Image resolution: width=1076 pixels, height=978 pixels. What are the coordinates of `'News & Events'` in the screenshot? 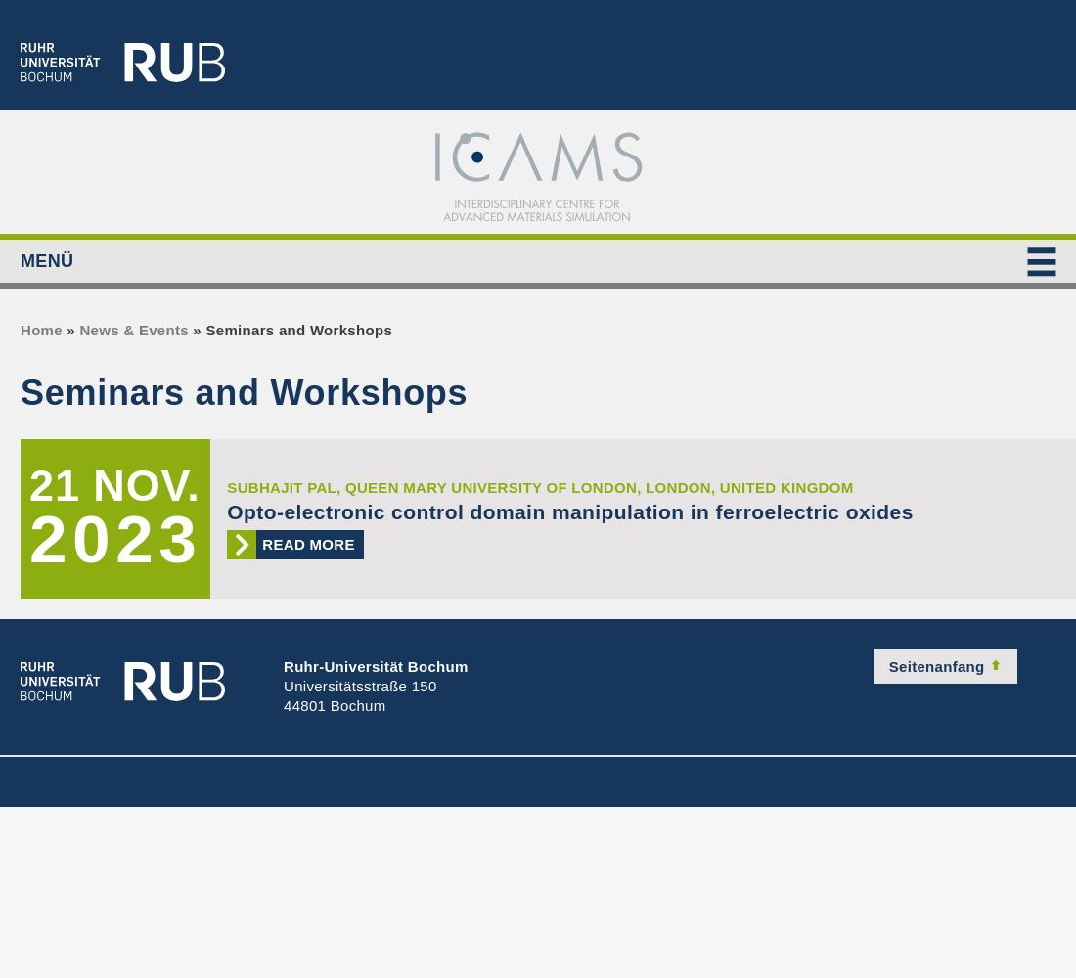 It's located at (133, 329).